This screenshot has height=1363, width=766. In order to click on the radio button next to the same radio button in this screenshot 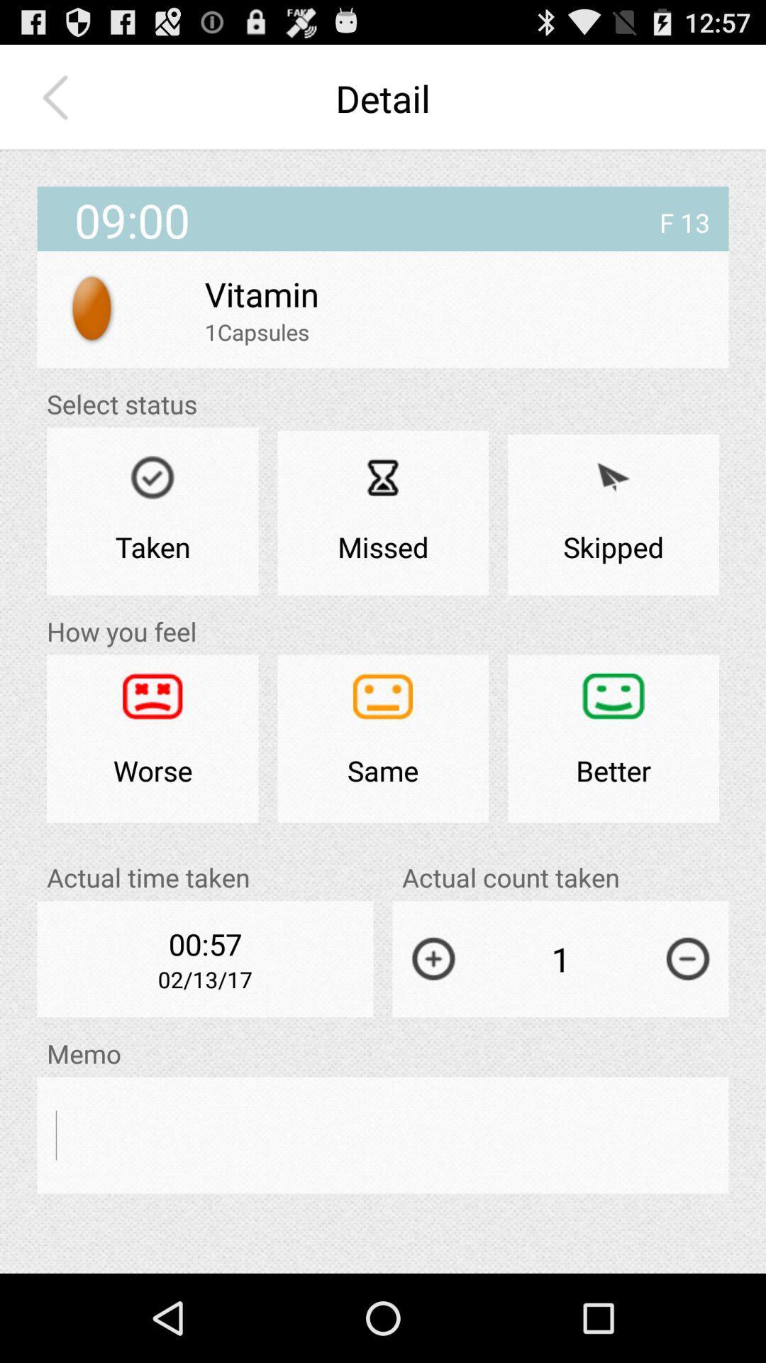, I will do `click(152, 738)`.